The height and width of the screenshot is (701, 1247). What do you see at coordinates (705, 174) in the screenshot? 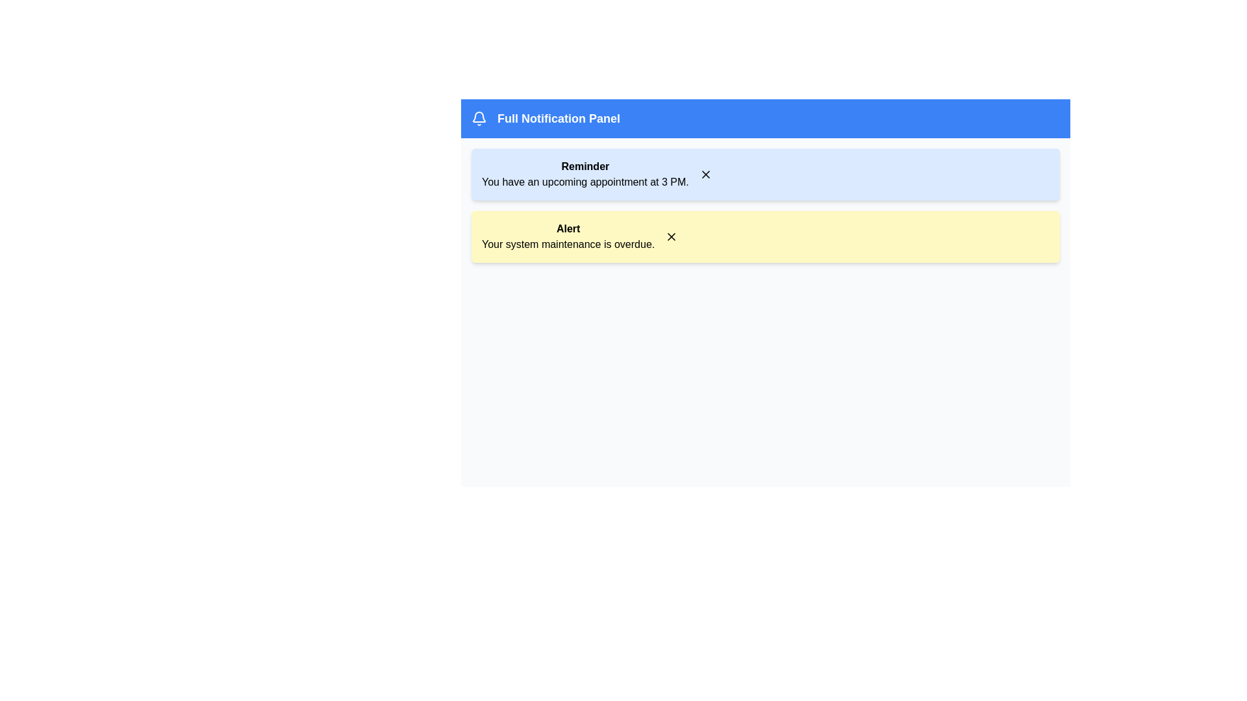
I see `the compact 'X' icon button located at the far-right corner of the blue 'Reminder' notification card` at bounding box center [705, 174].